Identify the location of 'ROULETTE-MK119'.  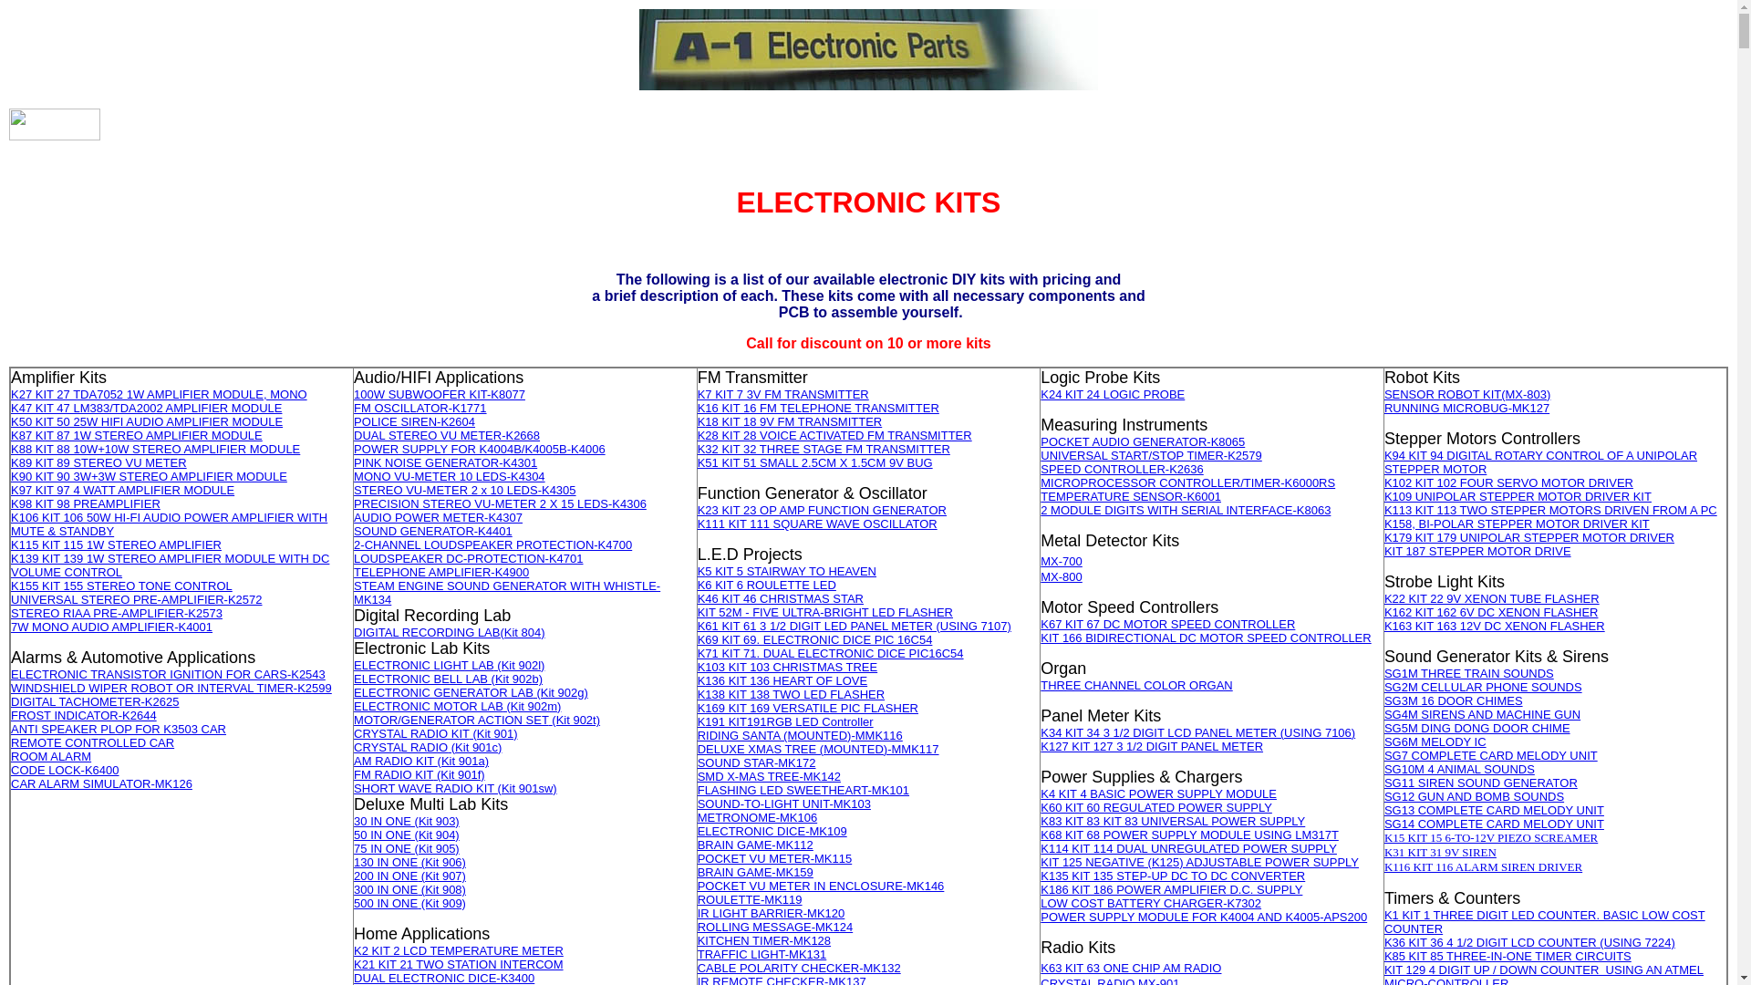
(750, 898).